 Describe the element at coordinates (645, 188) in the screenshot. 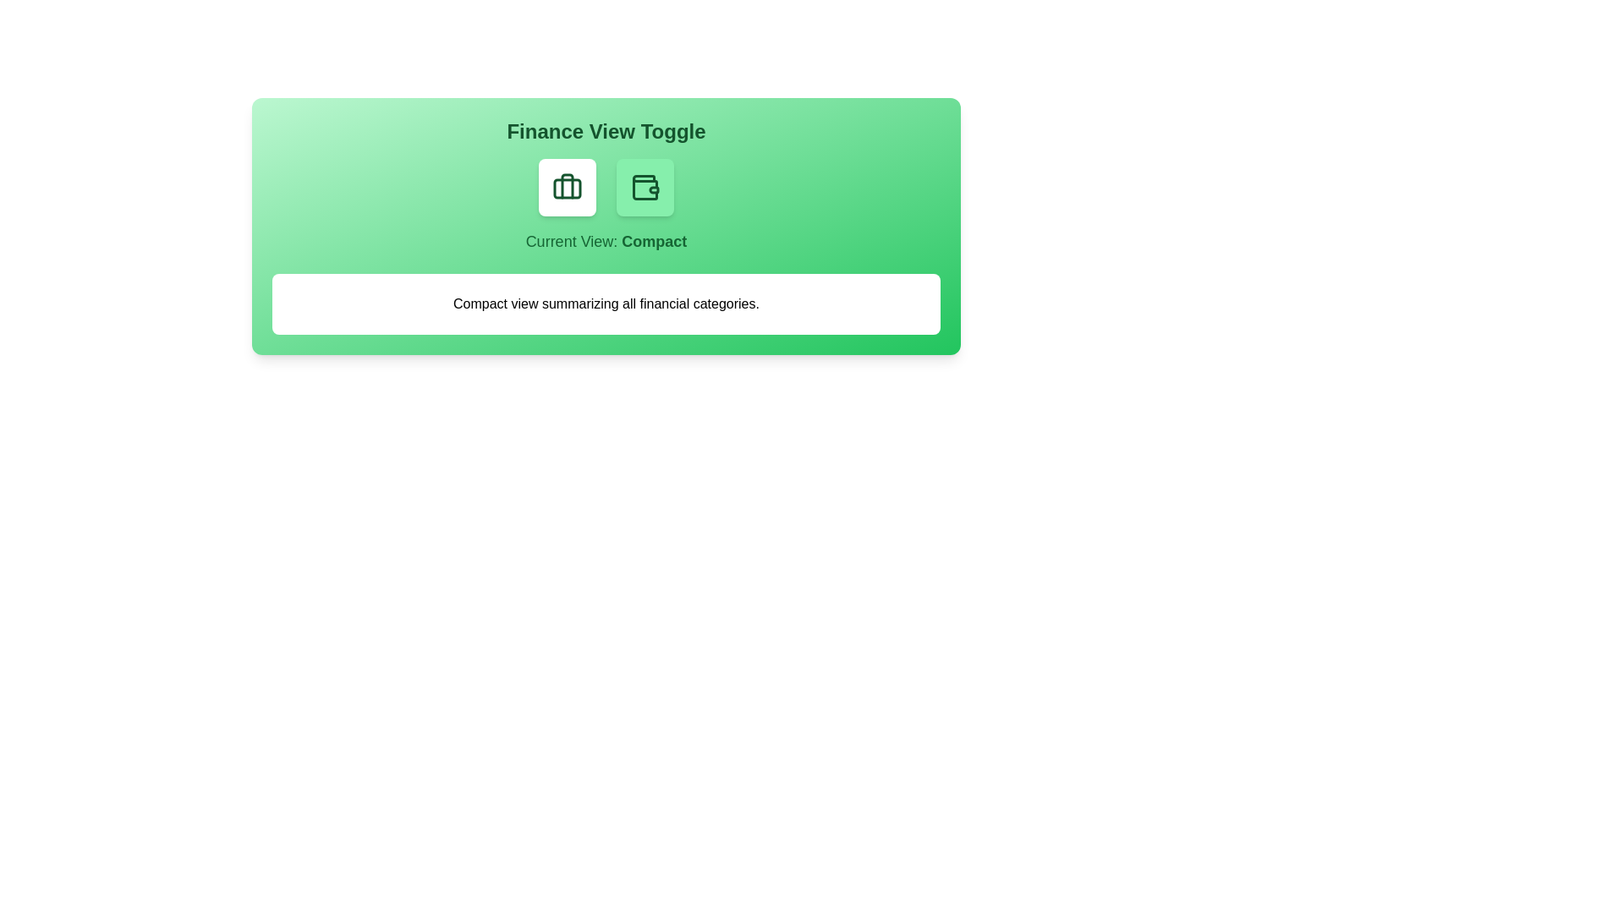

I see `the button representing the Detailed view to toggle the view mode` at that location.